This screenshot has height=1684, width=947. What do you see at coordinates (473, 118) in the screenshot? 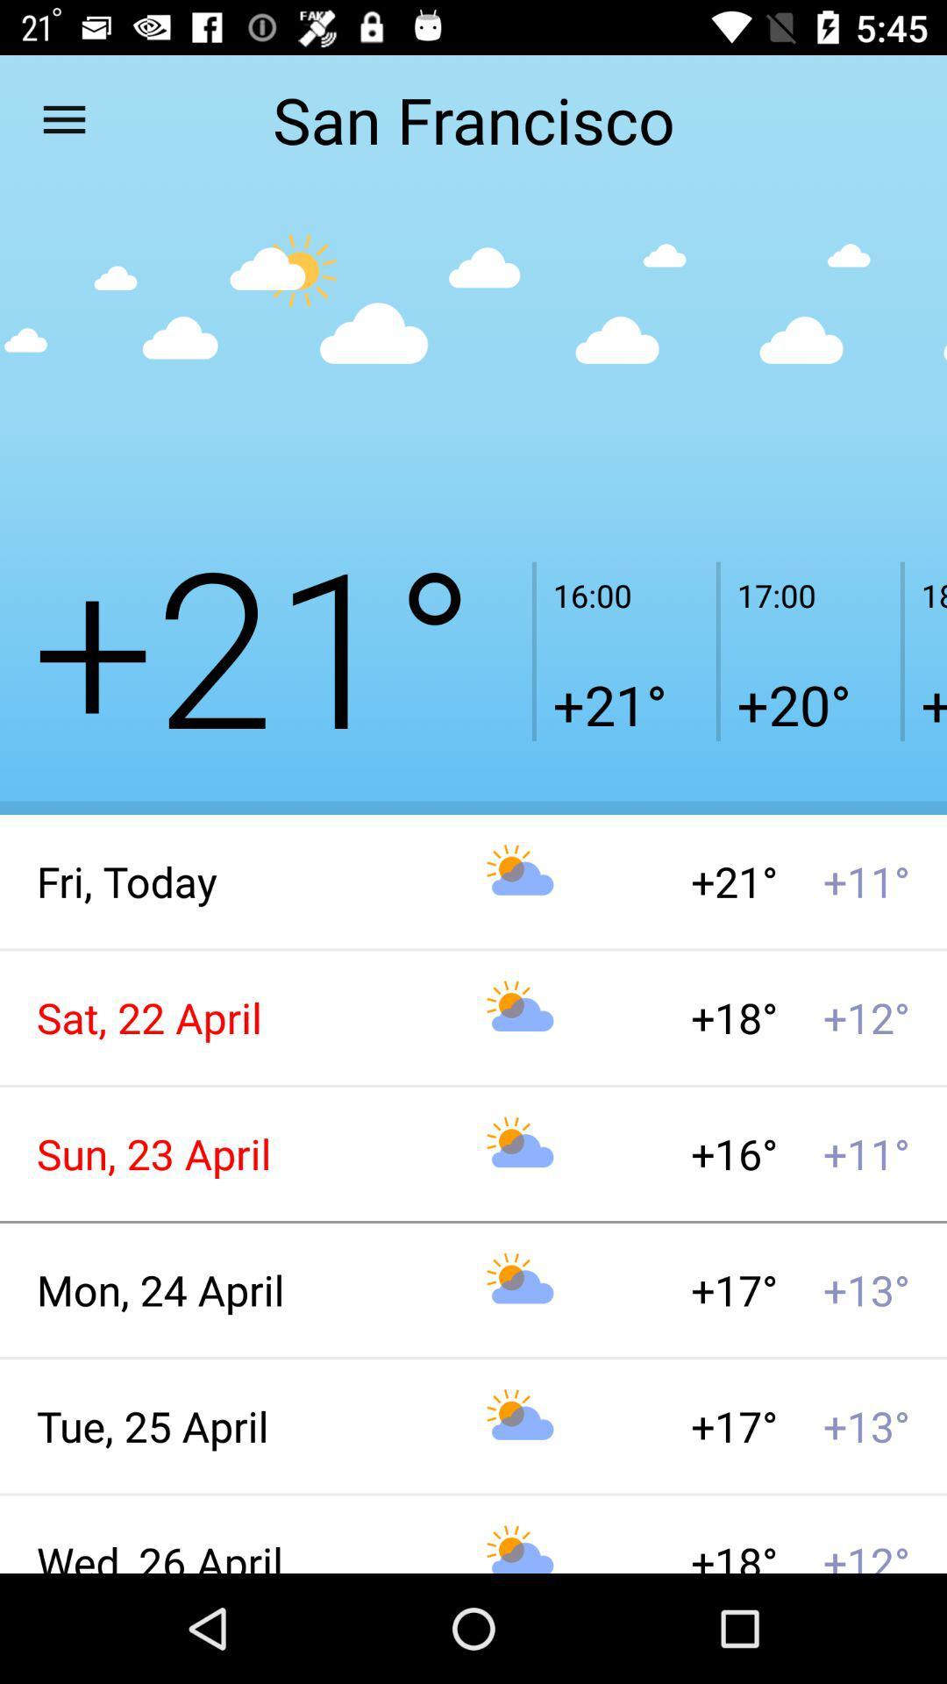
I see `san francisco icon` at bounding box center [473, 118].